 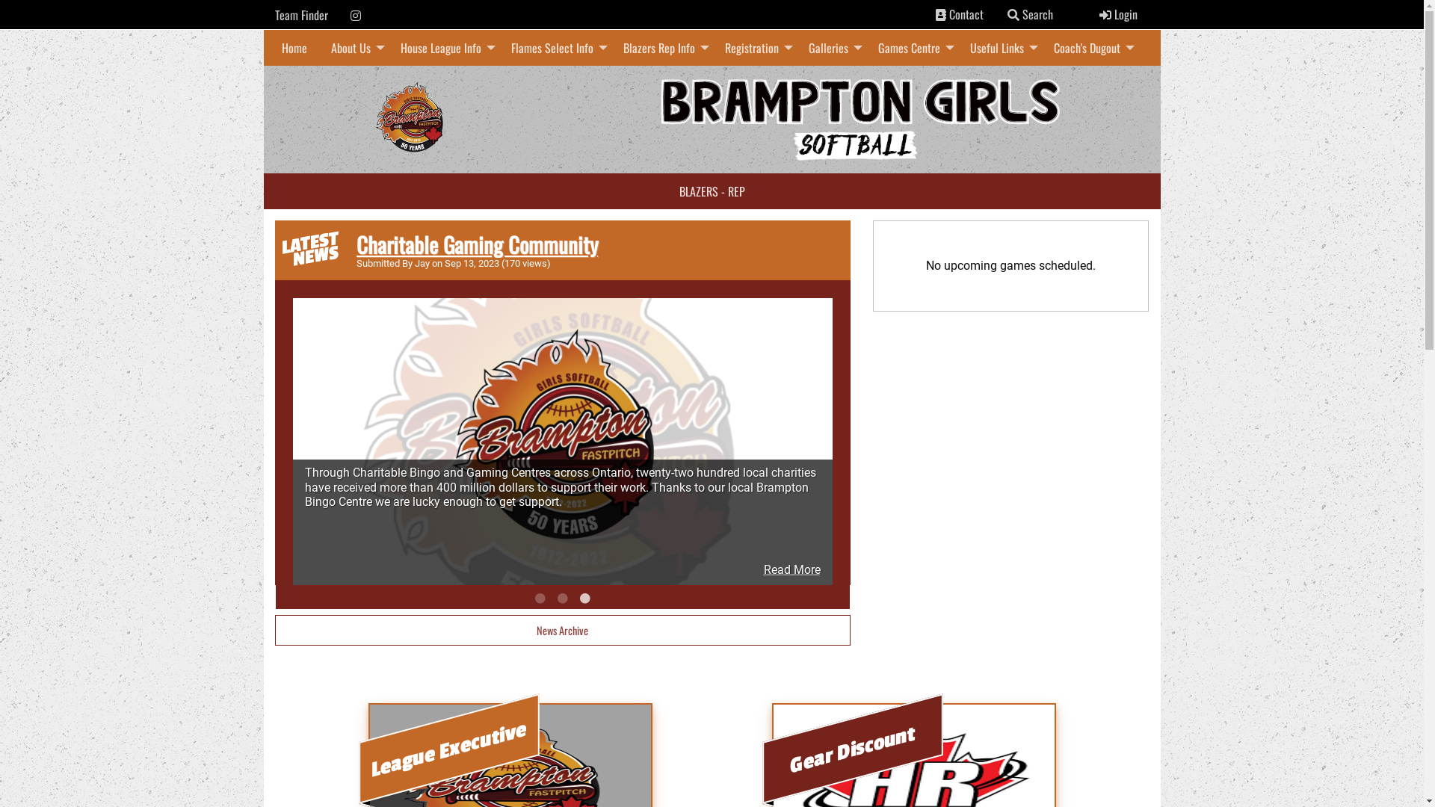 What do you see at coordinates (910, 47) in the screenshot?
I see `'Games Centre'` at bounding box center [910, 47].